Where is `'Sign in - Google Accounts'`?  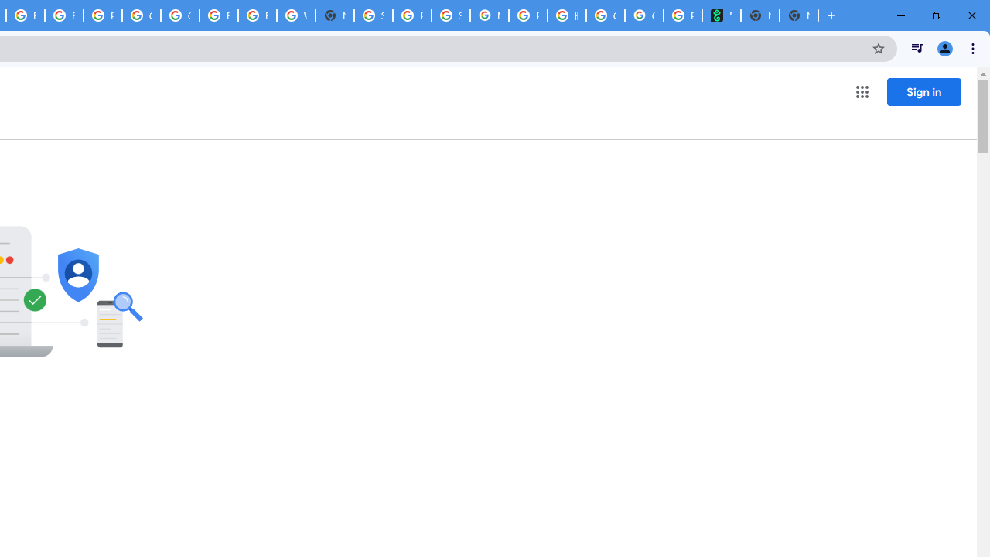 'Sign in - Google Accounts' is located at coordinates (374, 15).